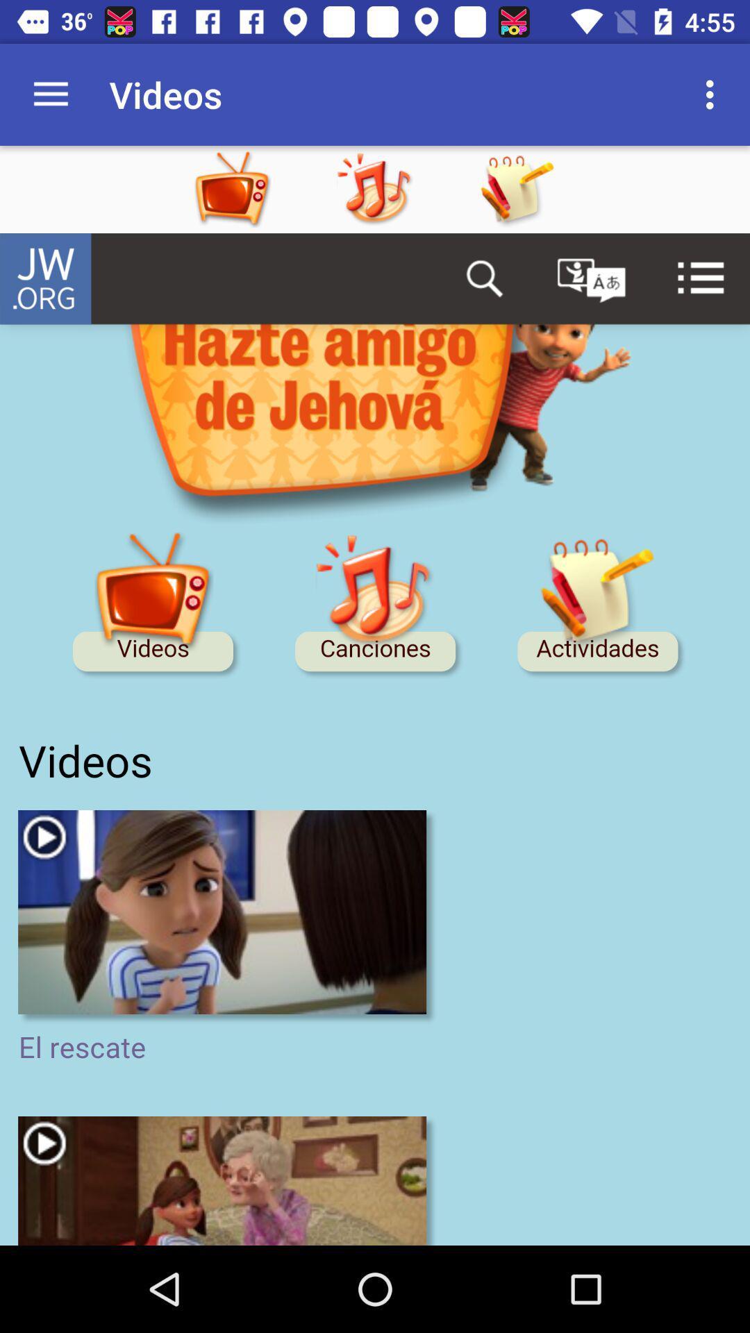 Image resolution: width=750 pixels, height=1333 pixels. What do you see at coordinates (517, 189) in the screenshot?
I see `actividades icon` at bounding box center [517, 189].